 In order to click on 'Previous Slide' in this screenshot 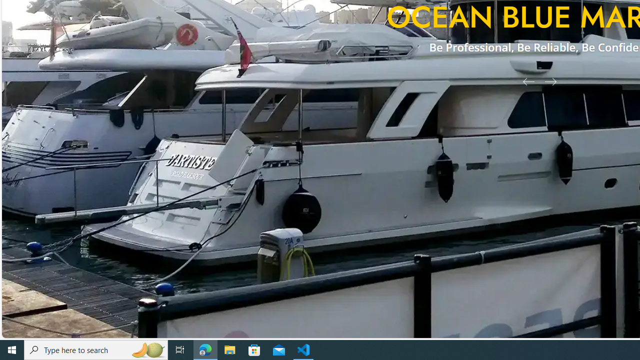, I will do `click(524, 80)`.